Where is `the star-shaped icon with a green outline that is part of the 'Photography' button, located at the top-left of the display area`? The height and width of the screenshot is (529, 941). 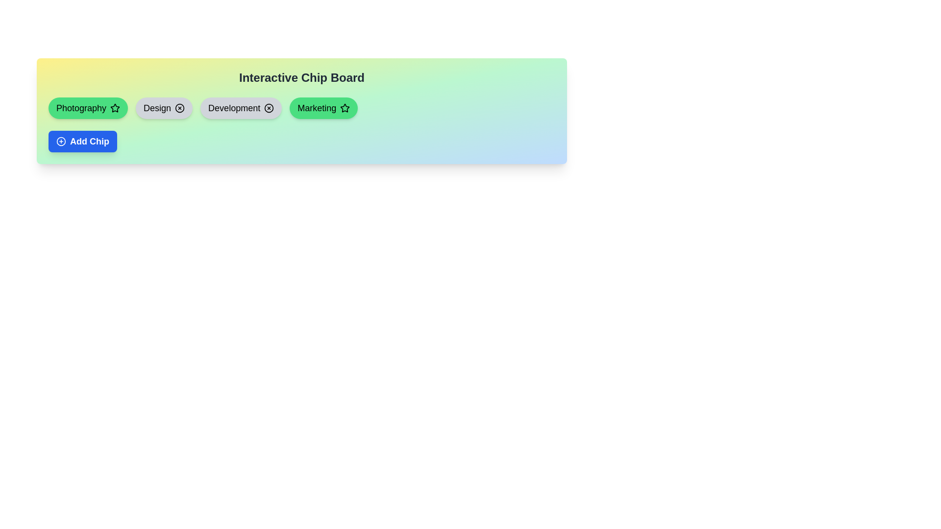
the star-shaped icon with a green outline that is part of the 'Photography' button, located at the top-left of the display area is located at coordinates (115, 108).